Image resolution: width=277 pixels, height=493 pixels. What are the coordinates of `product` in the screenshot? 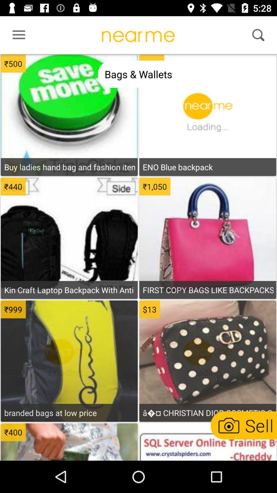 It's located at (69, 276).